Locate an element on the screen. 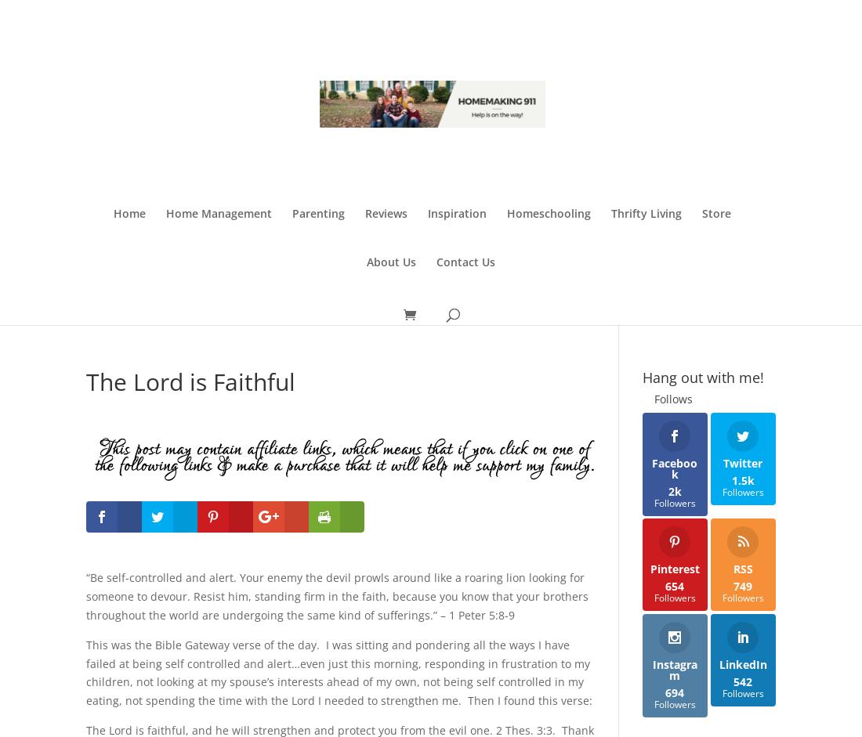 Image resolution: width=862 pixels, height=737 pixels. 'The Lord is Faithful' is located at coordinates (86, 380).